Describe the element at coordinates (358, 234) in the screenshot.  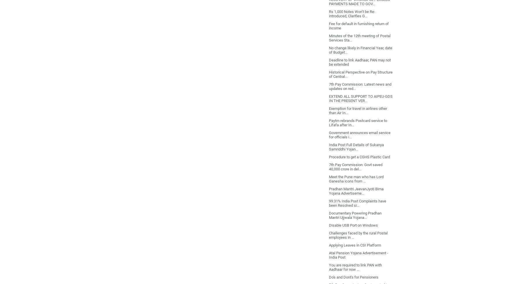
I see `'Challenges faced by the rural Postal employees in ...'` at that location.